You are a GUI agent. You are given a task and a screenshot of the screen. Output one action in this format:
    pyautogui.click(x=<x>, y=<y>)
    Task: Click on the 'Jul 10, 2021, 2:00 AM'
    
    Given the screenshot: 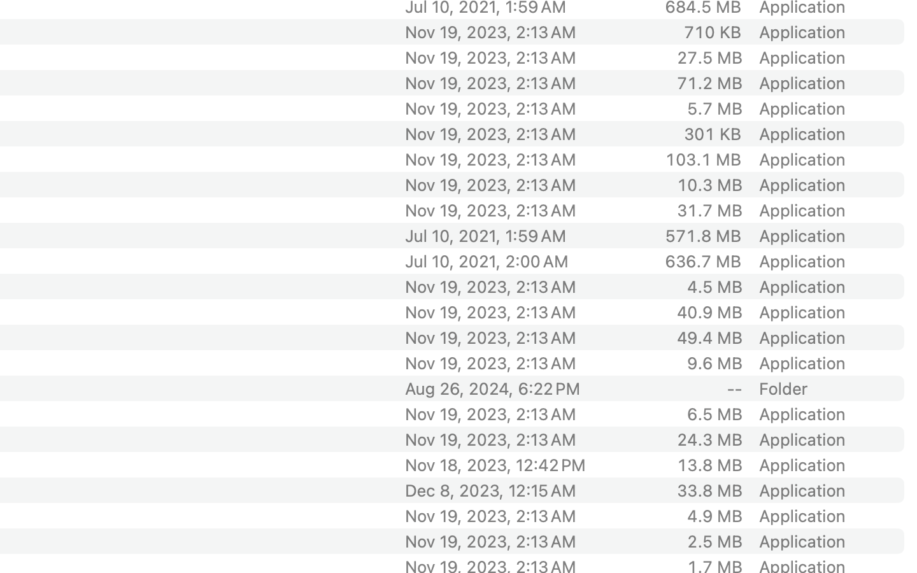 What is the action you would take?
    pyautogui.click(x=511, y=261)
    